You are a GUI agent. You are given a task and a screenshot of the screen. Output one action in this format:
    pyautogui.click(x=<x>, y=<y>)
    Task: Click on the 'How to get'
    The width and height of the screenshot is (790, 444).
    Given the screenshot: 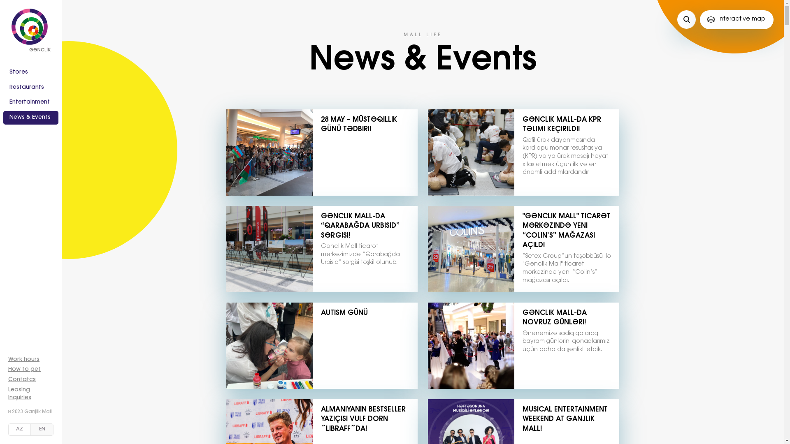 What is the action you would take?
    pyautogui.click(x=24, y=369)
    